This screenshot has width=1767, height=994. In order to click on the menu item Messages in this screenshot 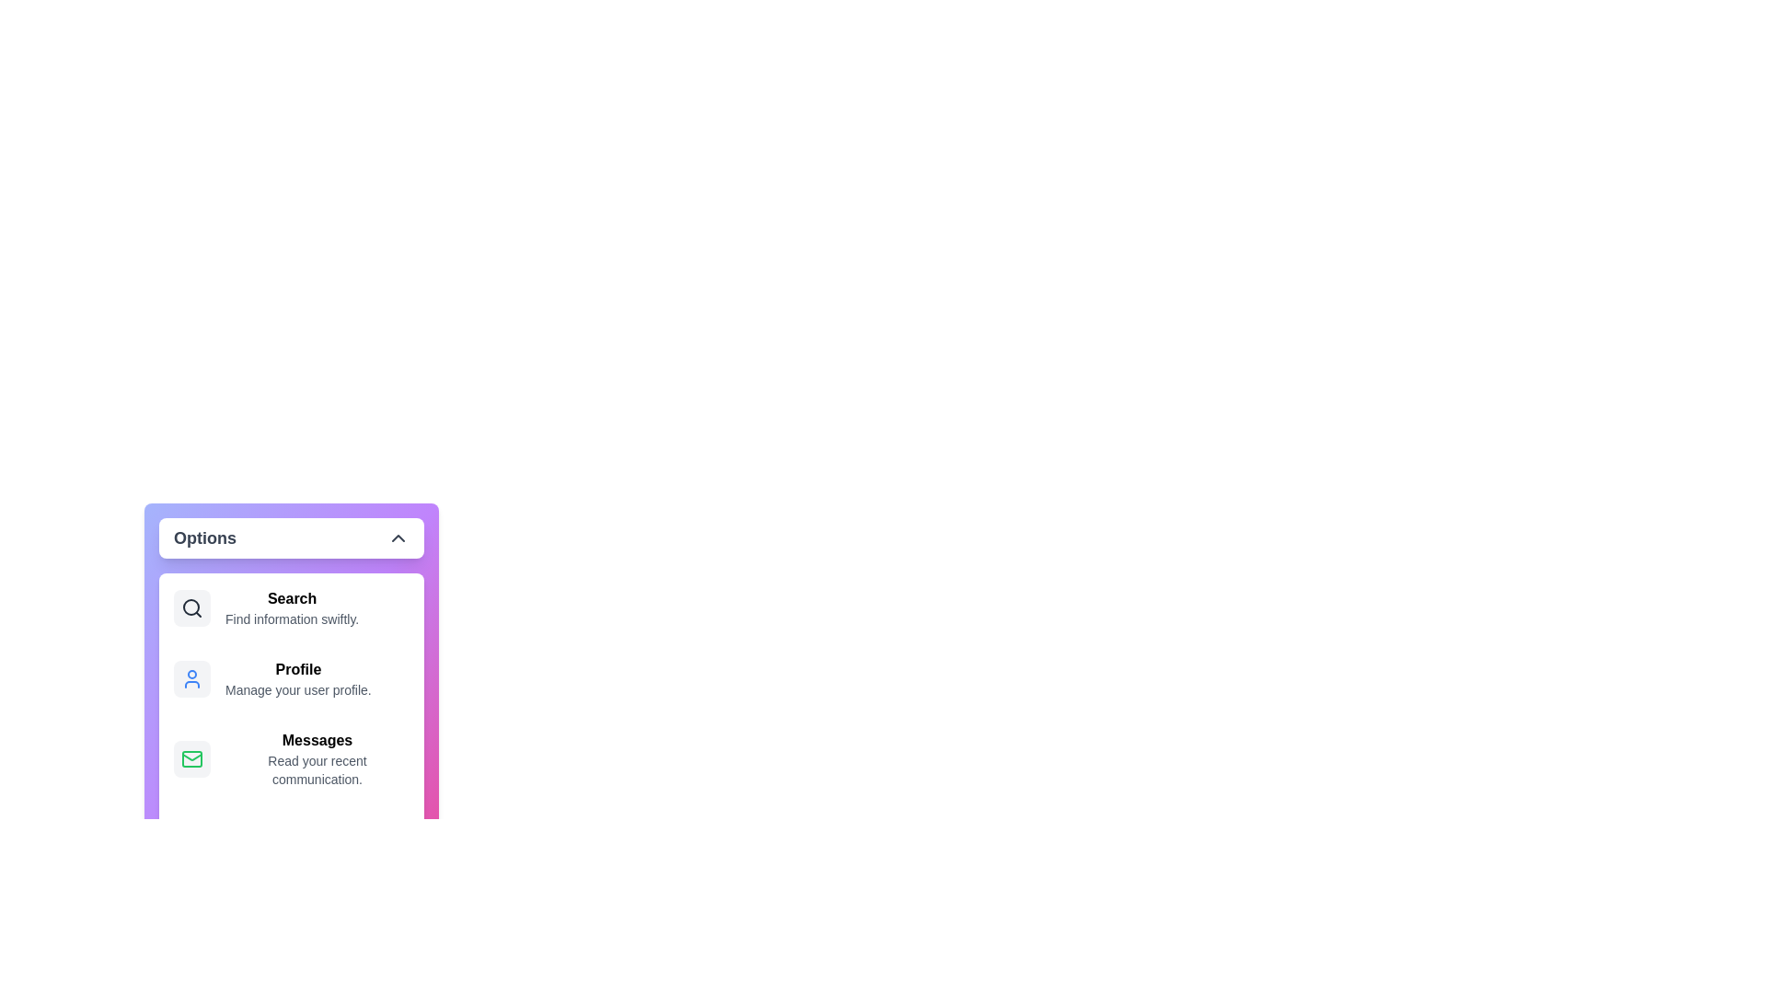, I will do `click(290, 758)`.